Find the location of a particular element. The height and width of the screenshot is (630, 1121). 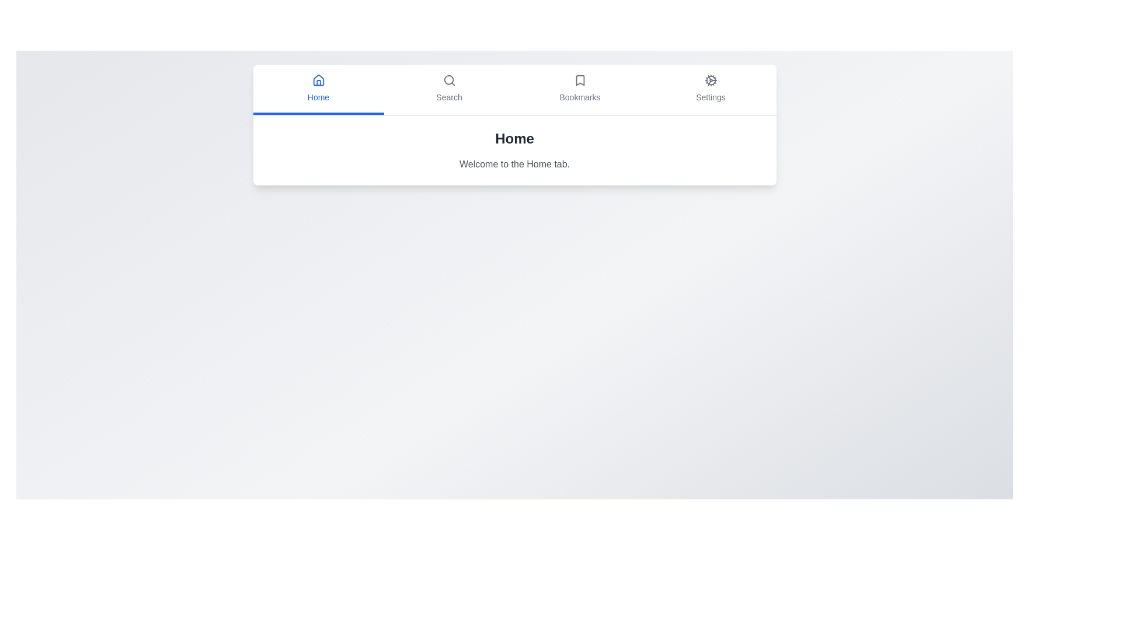

the Settings tab by clicking on its button is located at coordinates (710, 89).